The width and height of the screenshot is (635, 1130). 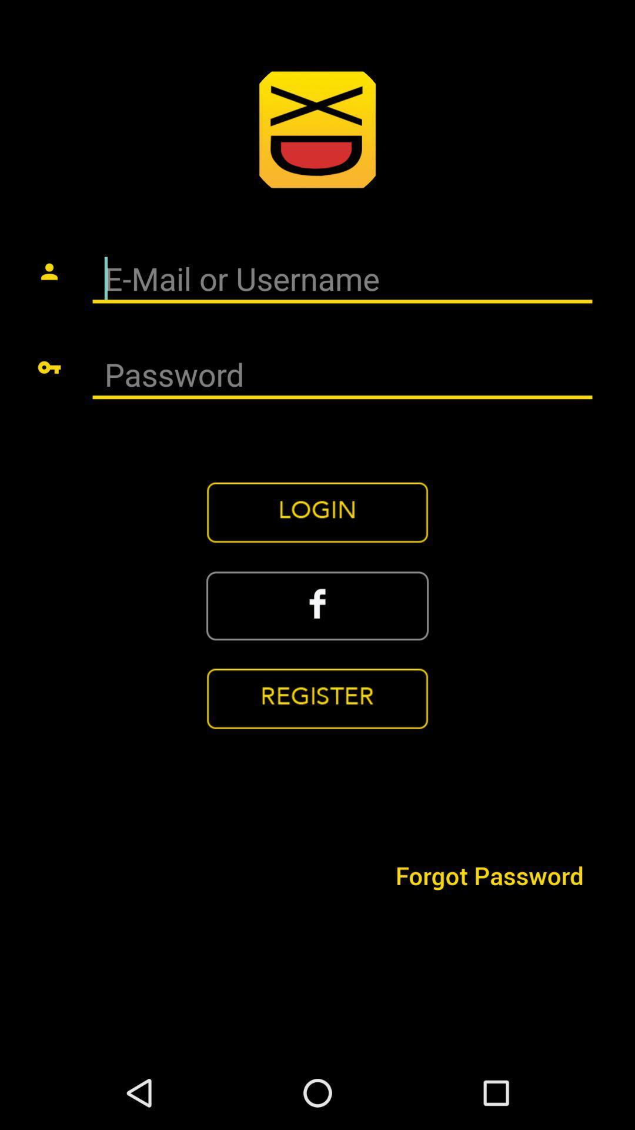 What do you see at coordinates (489, 875) in the screenshot?
I see `icon at the bottom right corner` at bounding box center [489, 875].